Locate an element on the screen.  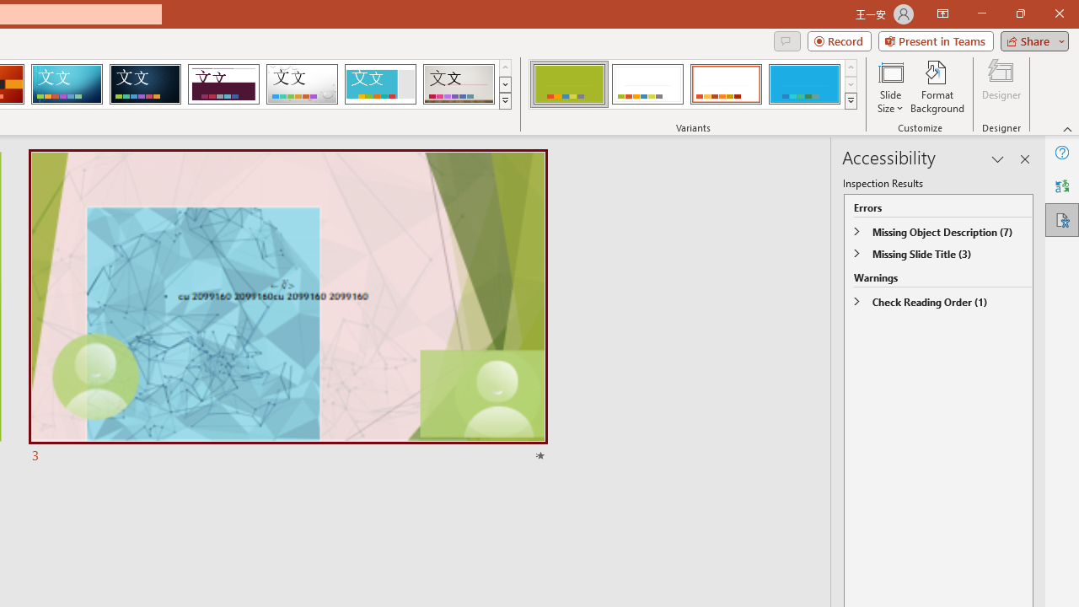
'Themes' is located at coordinates (504, 101).